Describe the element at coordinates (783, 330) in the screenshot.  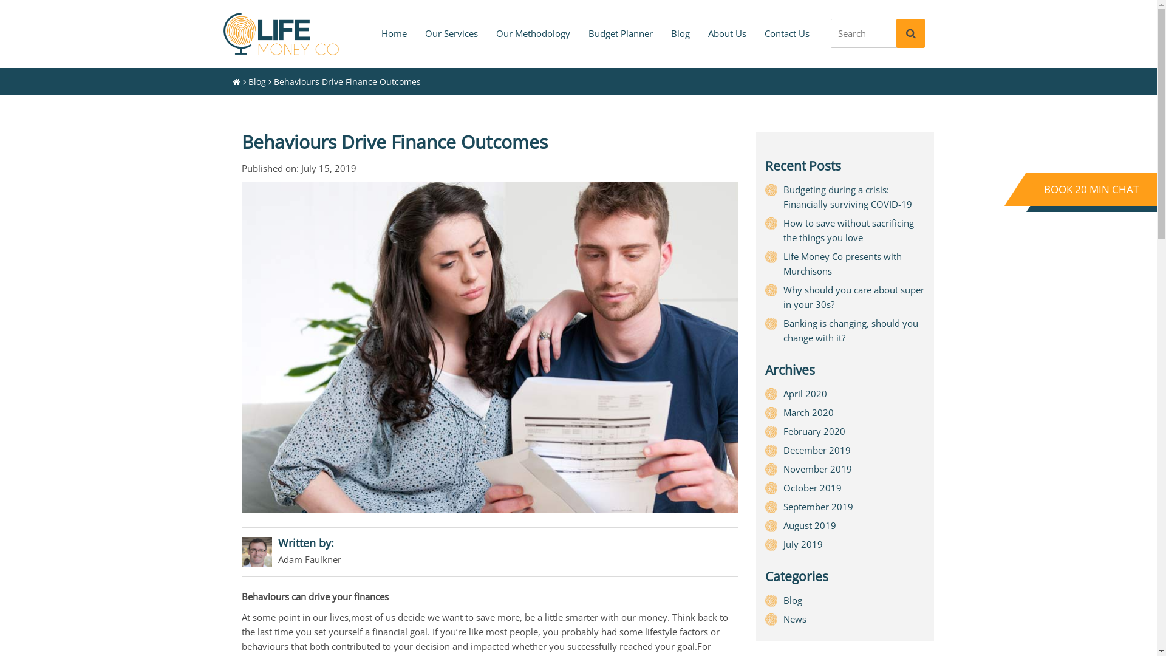
I see `'Banking is changing, should you change with it?'` at that location.